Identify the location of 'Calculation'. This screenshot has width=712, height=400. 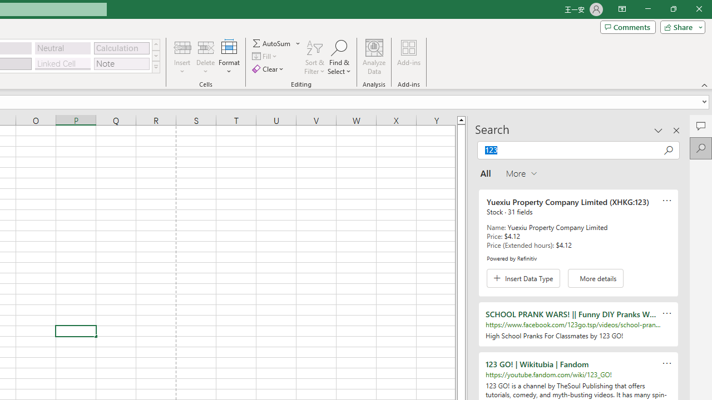
(121, 47).